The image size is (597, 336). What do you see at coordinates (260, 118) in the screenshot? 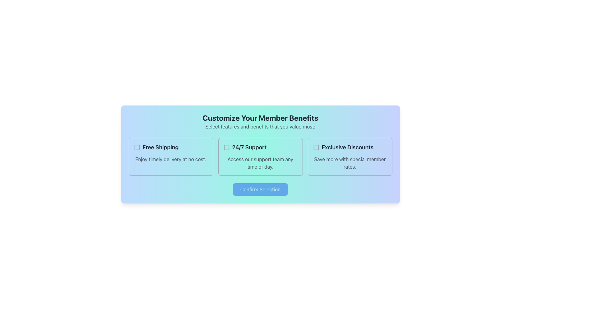
I see `the header element that reads 'Customize Your Member Benefits', which is a large, bold, centered text in dark gray on a gradient background` at bounding box center [260, 118].